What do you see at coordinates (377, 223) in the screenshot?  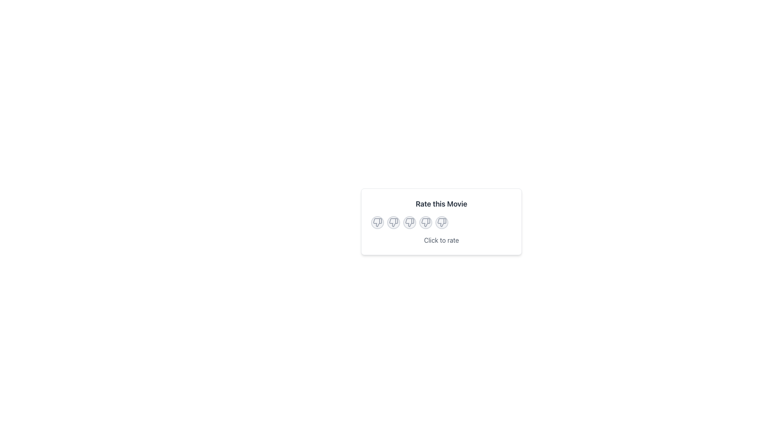 I see `the first thumbs-down icon in the rating interface, which is styled with a gray color and outlined appearance` at bounding box center [377, 223].